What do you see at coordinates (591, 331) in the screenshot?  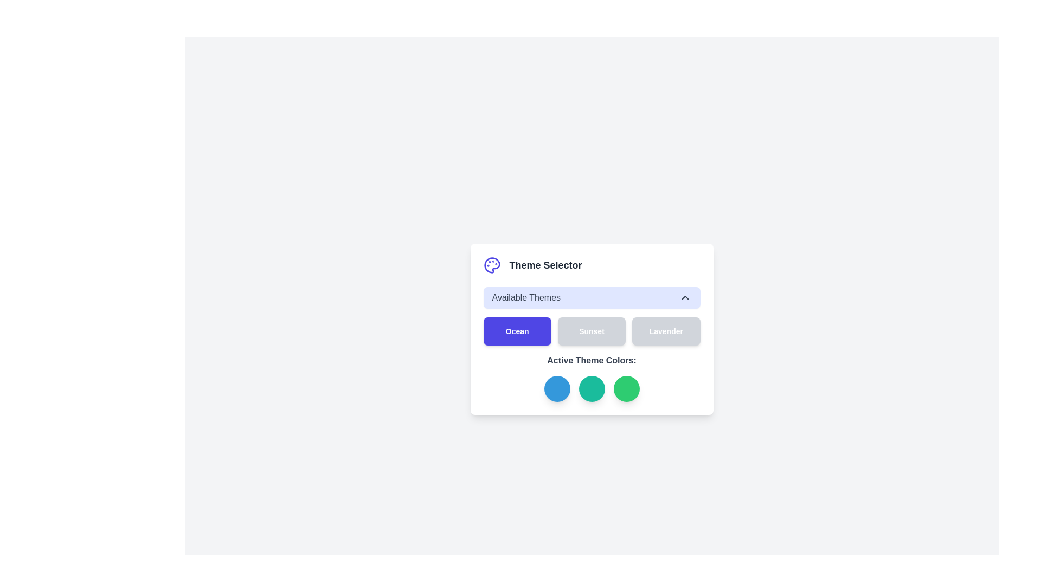 I see `the 'Sunset' button` at bounding box center [591, 331].